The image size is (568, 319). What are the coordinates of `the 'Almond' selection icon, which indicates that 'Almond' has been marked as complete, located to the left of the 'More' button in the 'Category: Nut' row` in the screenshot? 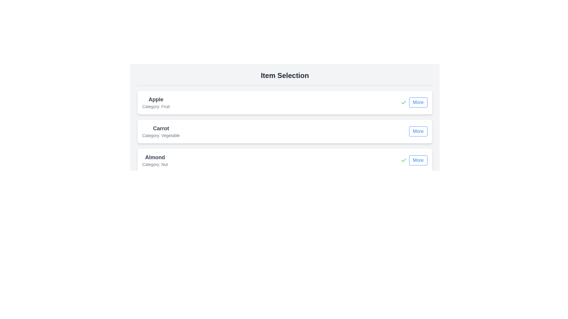 It's located at (403, 102).